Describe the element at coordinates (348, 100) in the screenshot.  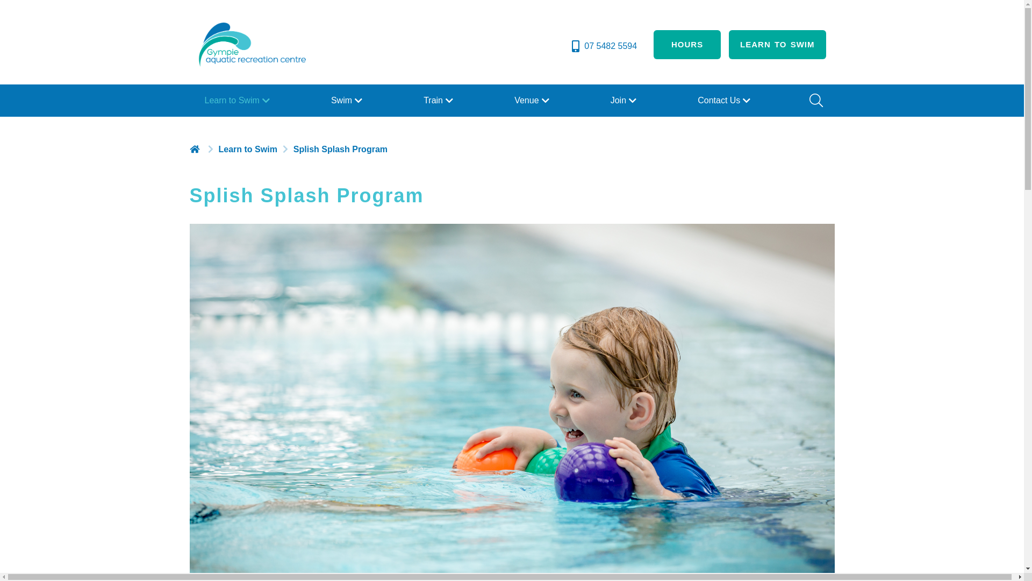
I see `'Swim'` at that location.